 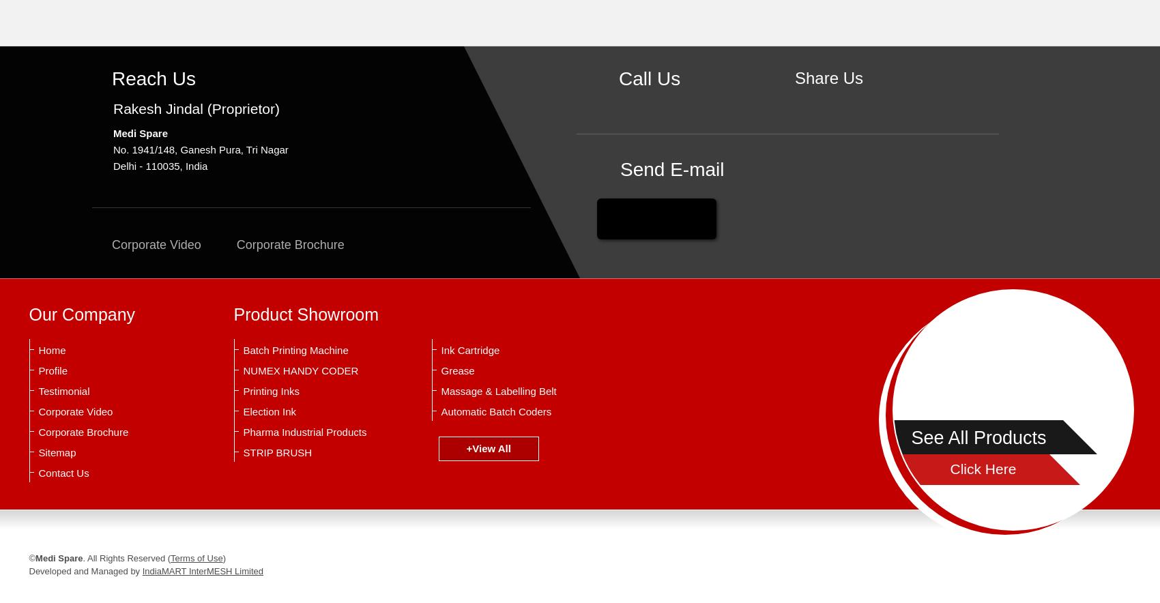 What do you see at coordinates (276, 452) in the screenshot?
I see `'STRIP BRUSH'` at bounding box center [276, 452].